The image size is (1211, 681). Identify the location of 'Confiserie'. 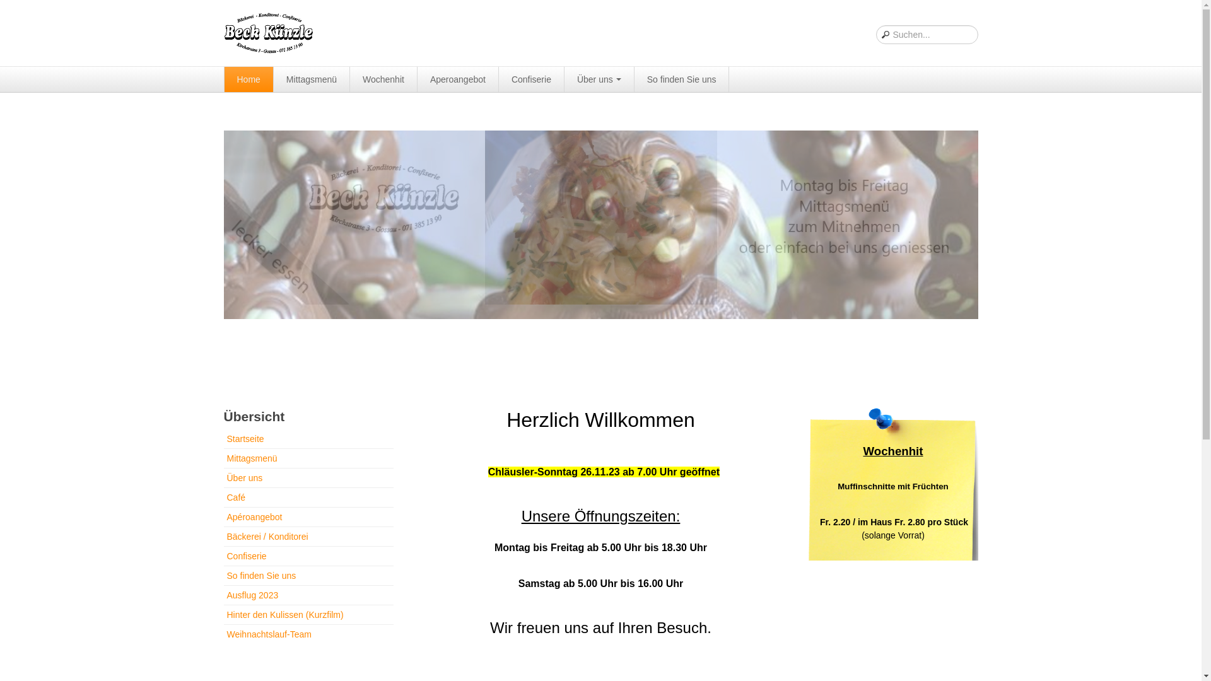
(308, 556).